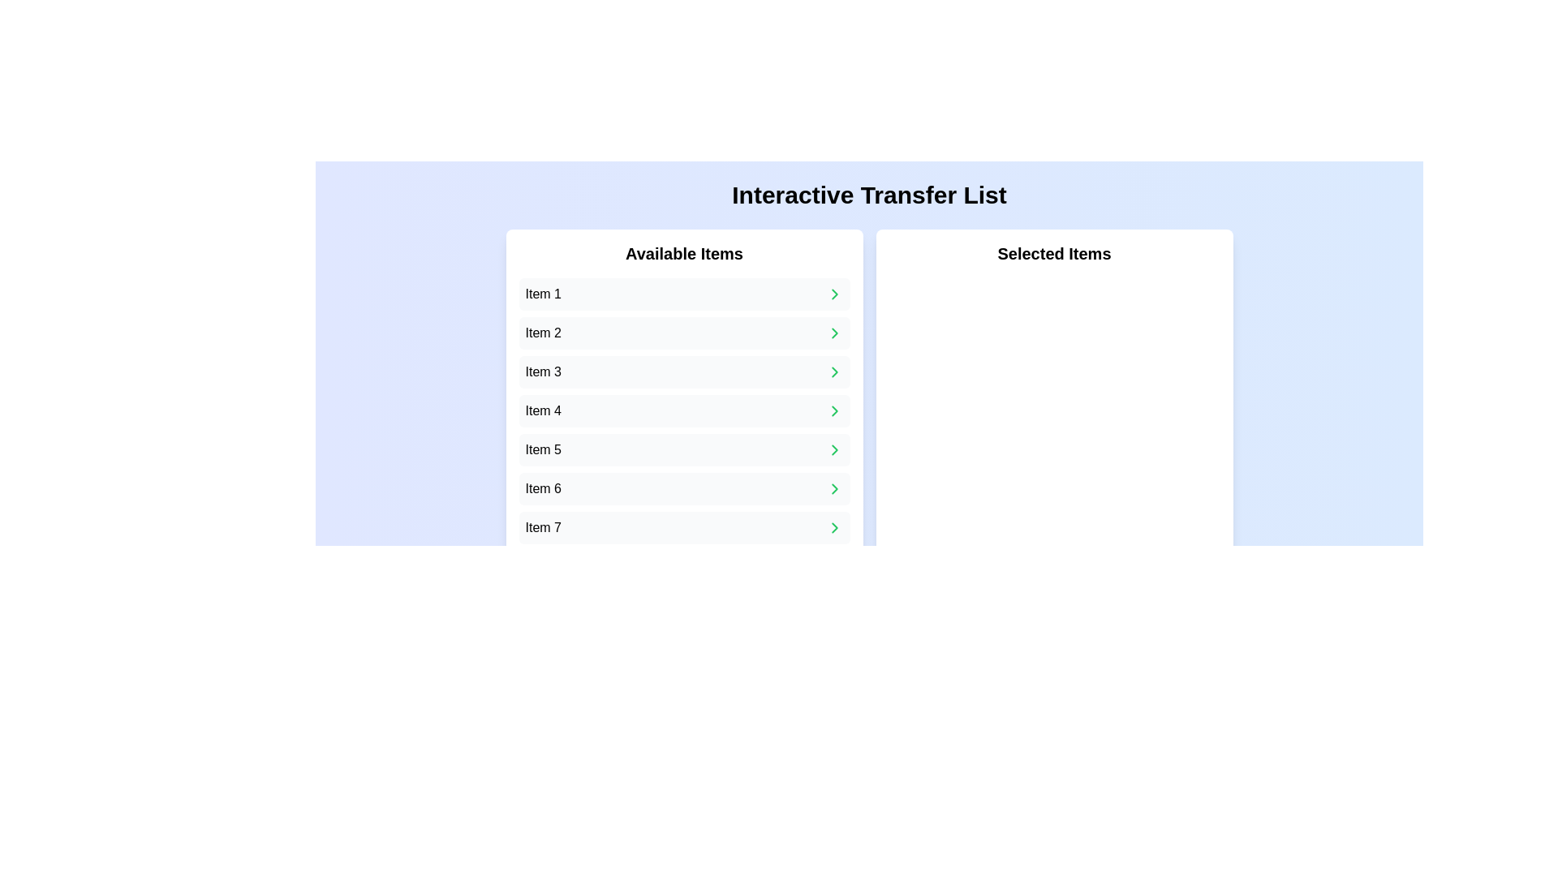 This screenshot has width=1558, height=876. What do you see at coordinates (543, 410) in the screenshot?
I see `on the text label displaying 'Item 4'` at bounding box center [543, 410].